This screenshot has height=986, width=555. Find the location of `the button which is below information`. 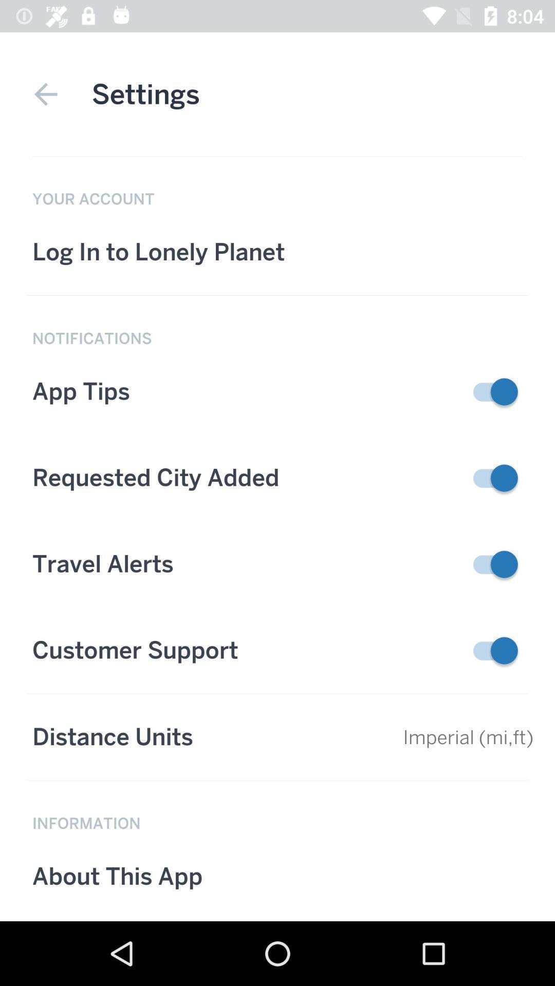

the button which is below information is located at coordinates (277, 876).